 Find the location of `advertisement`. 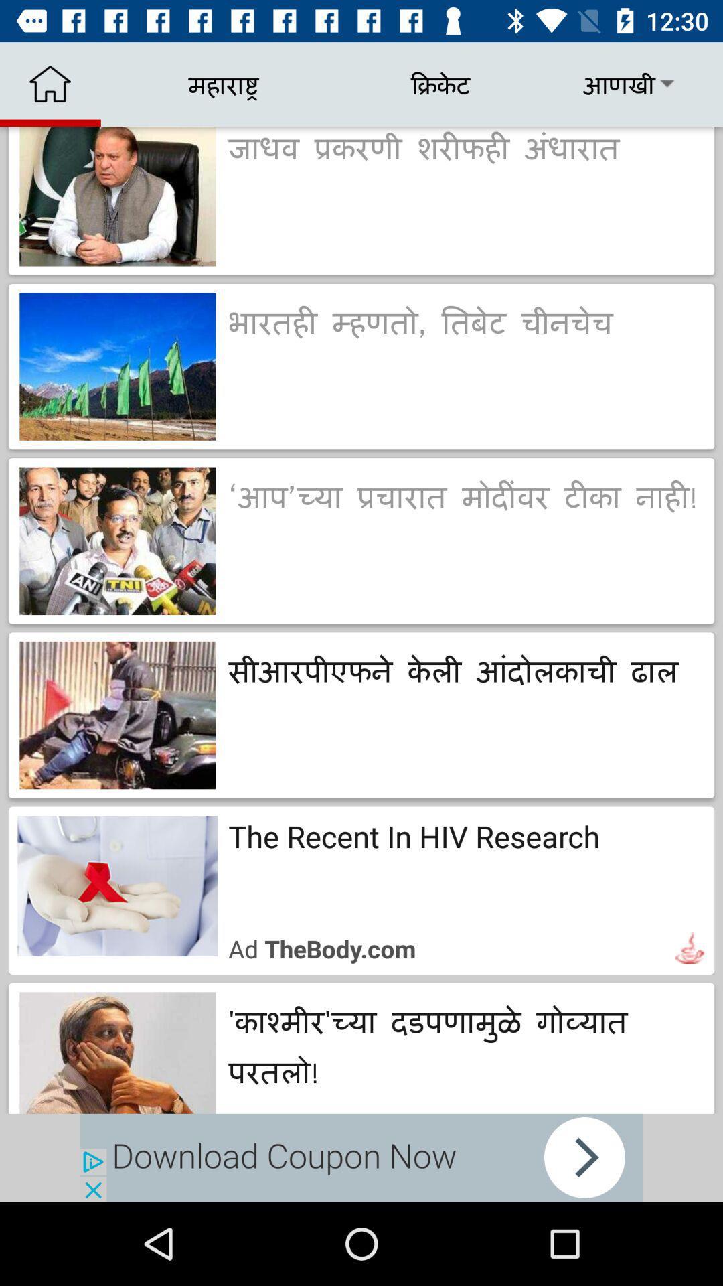

advertisement is located at coordinates (361, 1157).